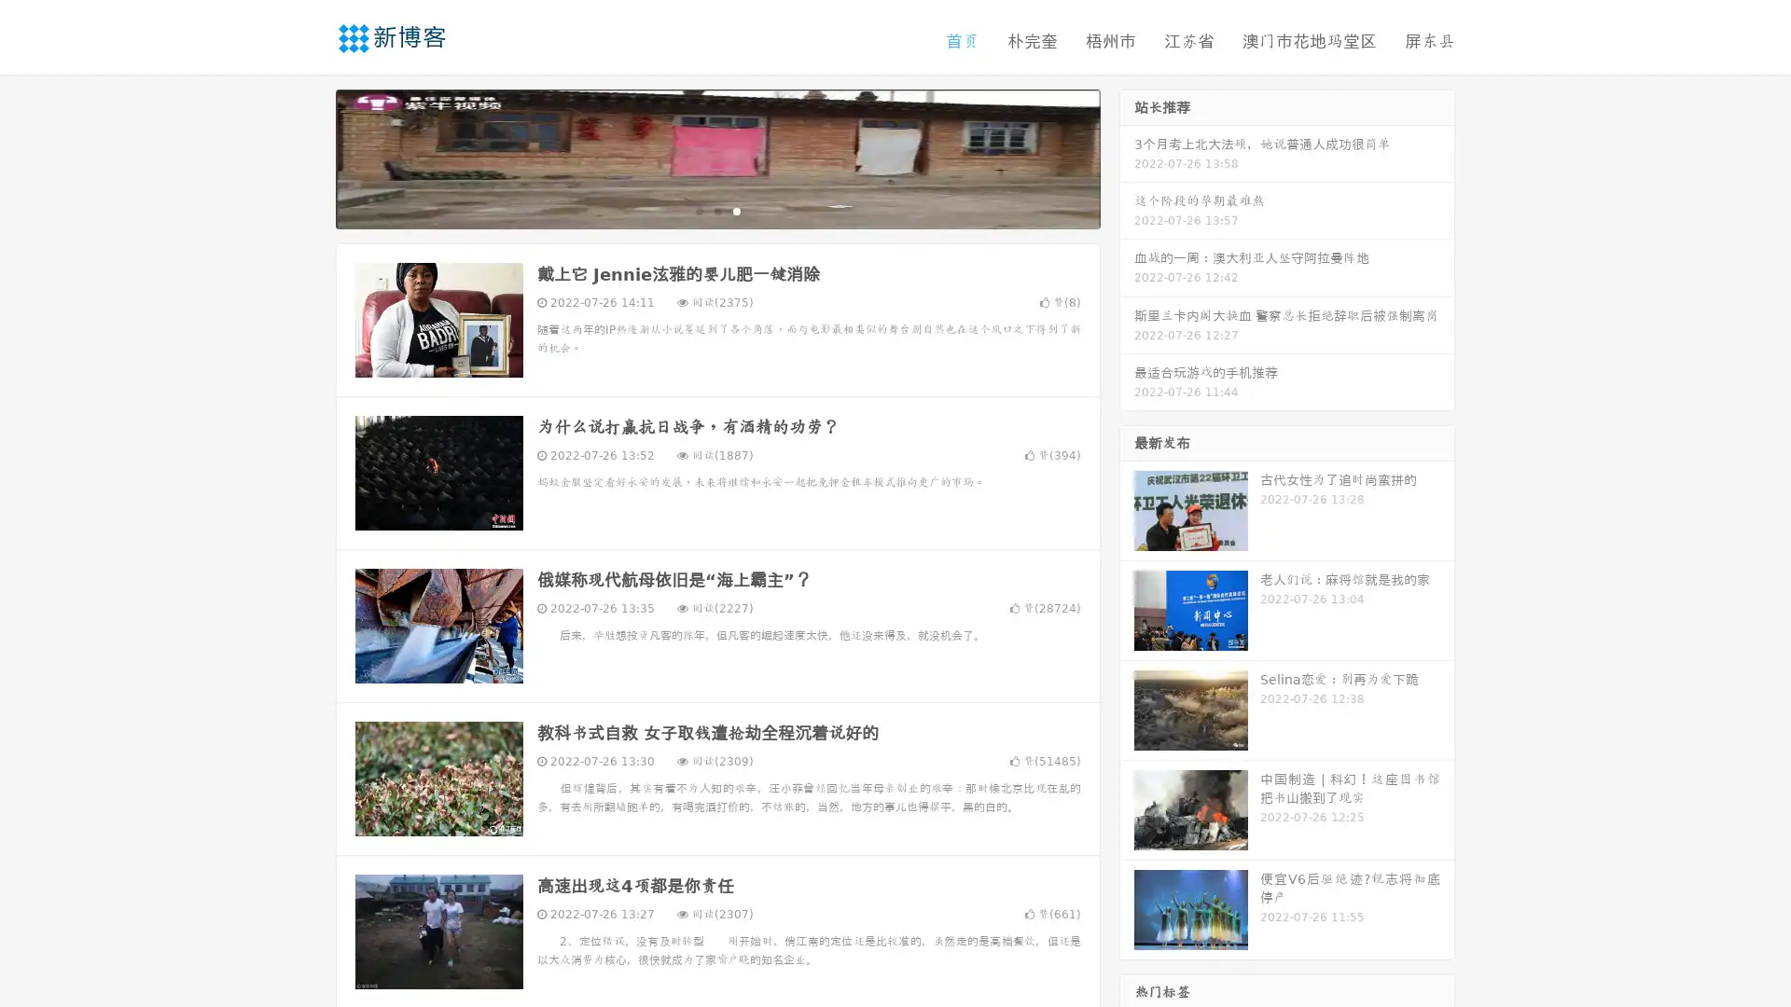  What do you see at coordinates (736, 210) in the screenshot?
I see `Go to slide 3` at bounding box center [736, 210].